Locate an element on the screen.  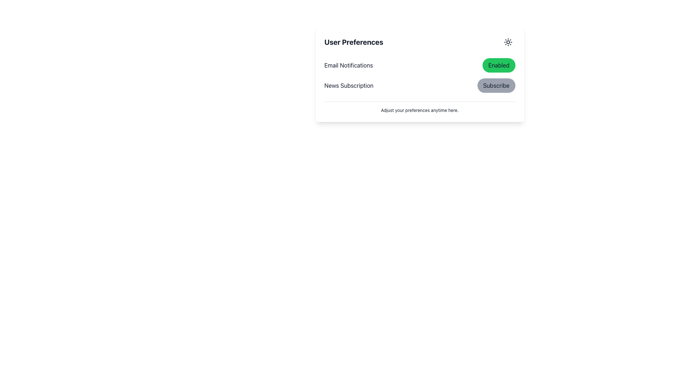
the 'Email Notifications' text label, which describes the related toggle for email notifications settings is located at coordinates (348, 65).